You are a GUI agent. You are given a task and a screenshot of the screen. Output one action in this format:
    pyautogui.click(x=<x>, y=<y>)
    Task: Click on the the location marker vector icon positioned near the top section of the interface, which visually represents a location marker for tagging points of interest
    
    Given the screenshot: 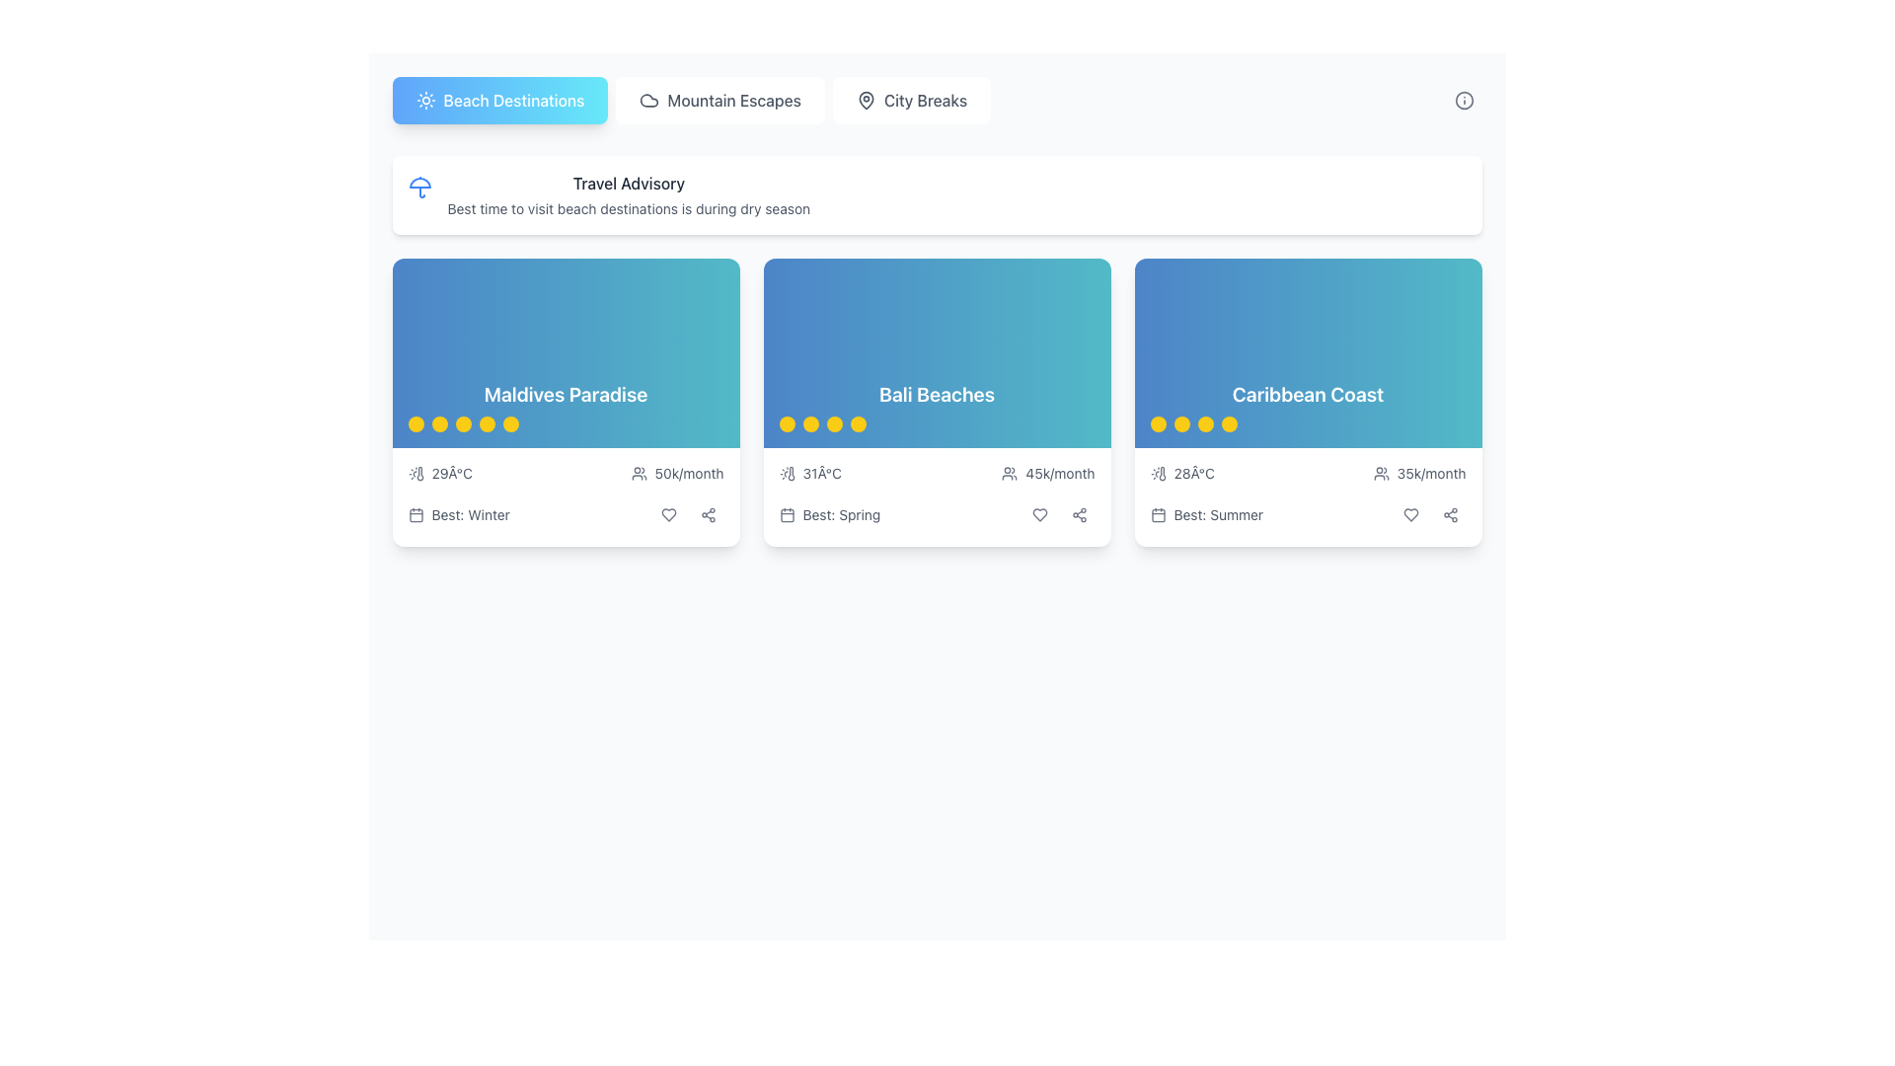 What is the action you would take?
    pyautogui.click(x=866, y=100)
    